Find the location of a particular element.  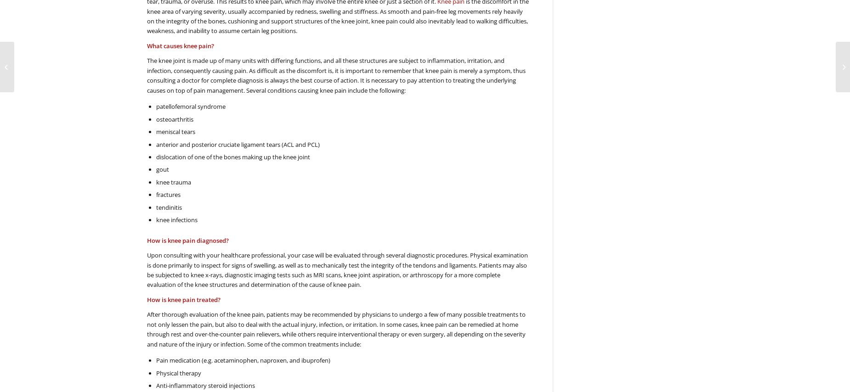

'dislocation of one of the bones making up the knee joint' is located at coordinates (233, 157).